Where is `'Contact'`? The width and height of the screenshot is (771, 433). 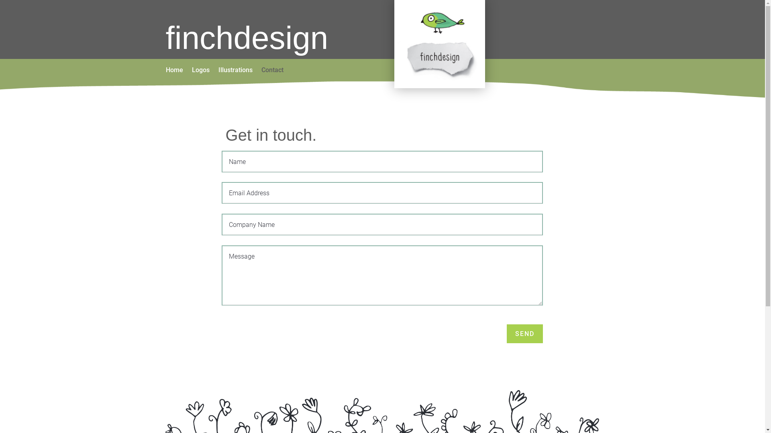 'Contact' is located at coordinates (272, 71).